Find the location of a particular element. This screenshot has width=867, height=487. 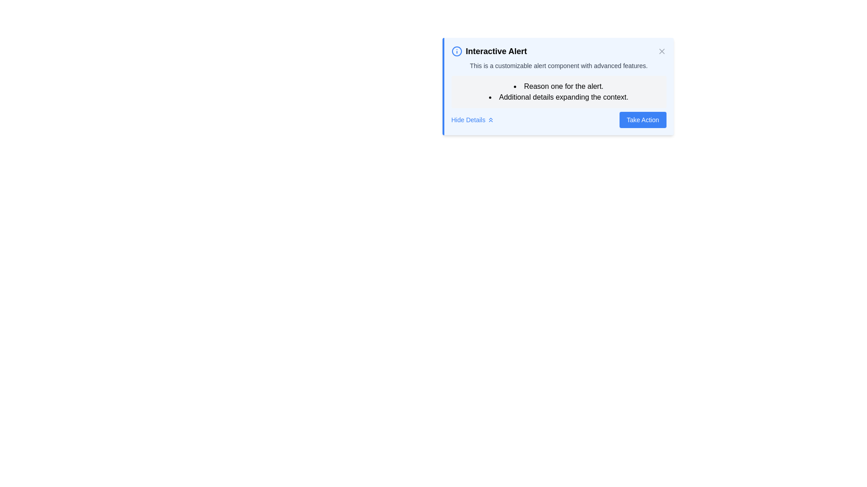

the call-to-action button located in the lower-right corner of the alert box is located at coordinates (642, 119).